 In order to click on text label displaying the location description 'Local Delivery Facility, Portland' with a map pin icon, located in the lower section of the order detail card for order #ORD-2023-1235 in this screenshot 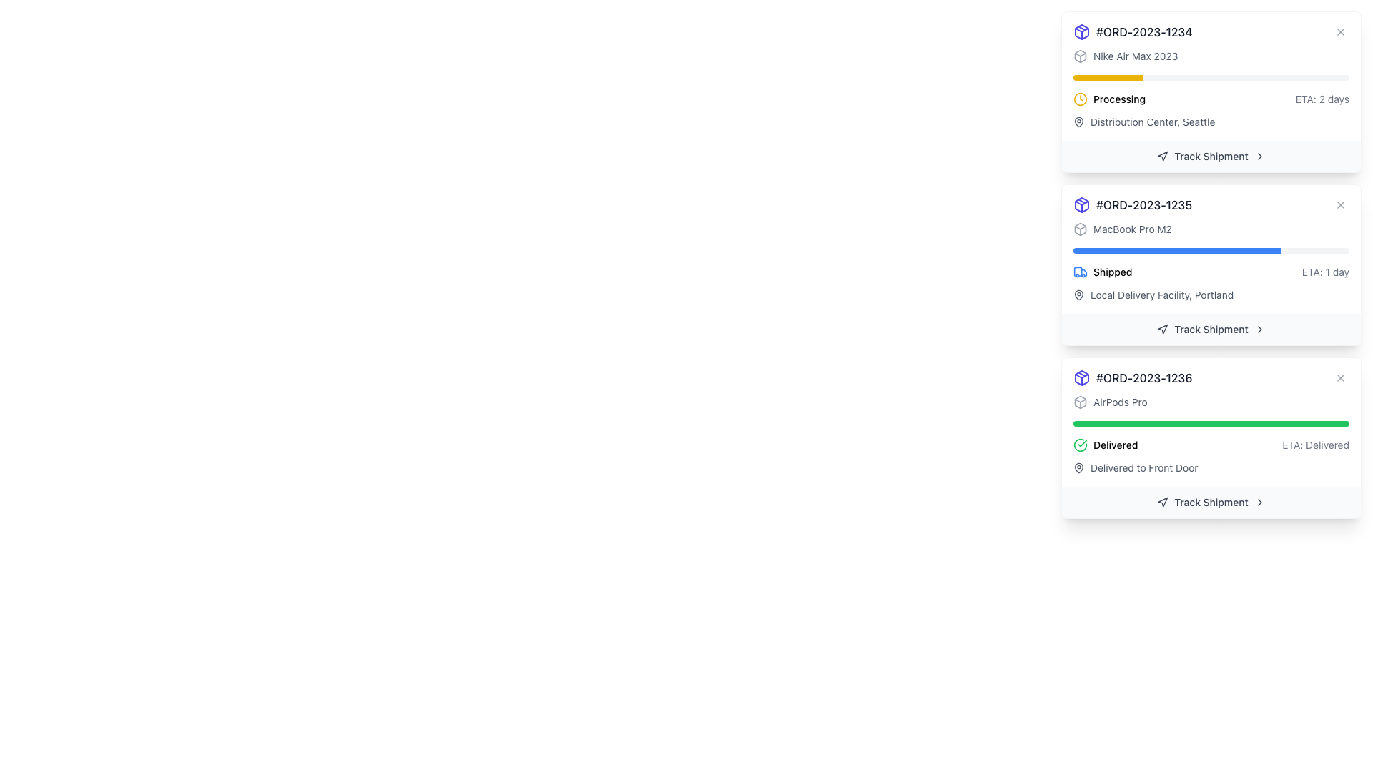, I will do `click(1211, 294)`.